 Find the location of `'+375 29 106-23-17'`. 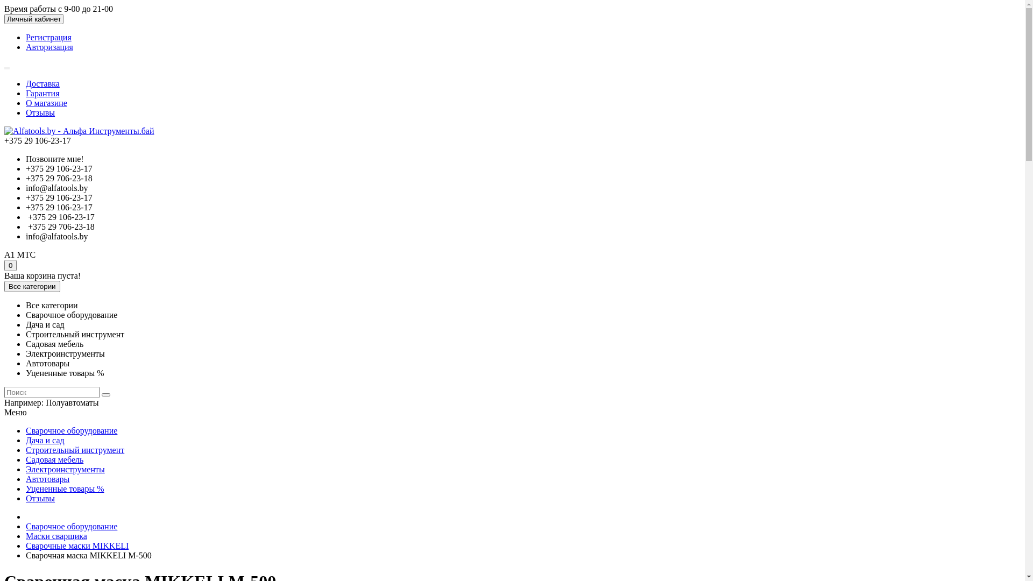

'+375 29 106-23-17' is located at coordinates (59, 168).